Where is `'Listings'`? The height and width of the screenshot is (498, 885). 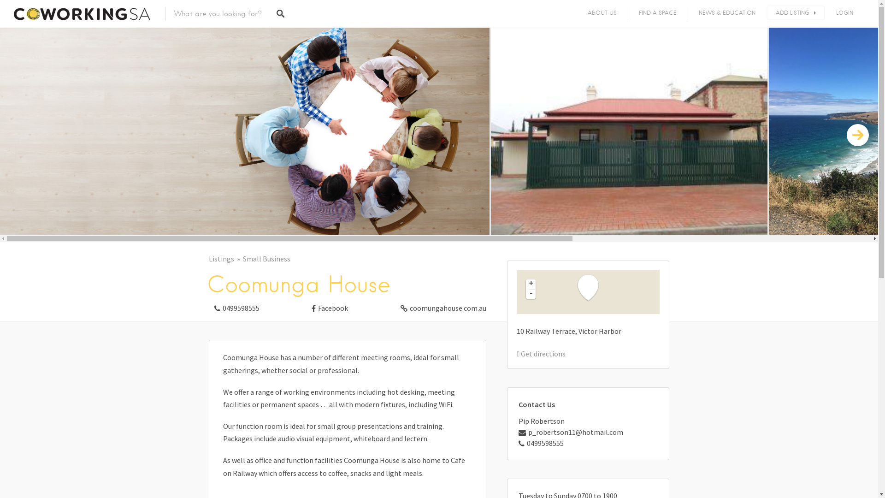
'Listings' is located at coordinates (225, 259).